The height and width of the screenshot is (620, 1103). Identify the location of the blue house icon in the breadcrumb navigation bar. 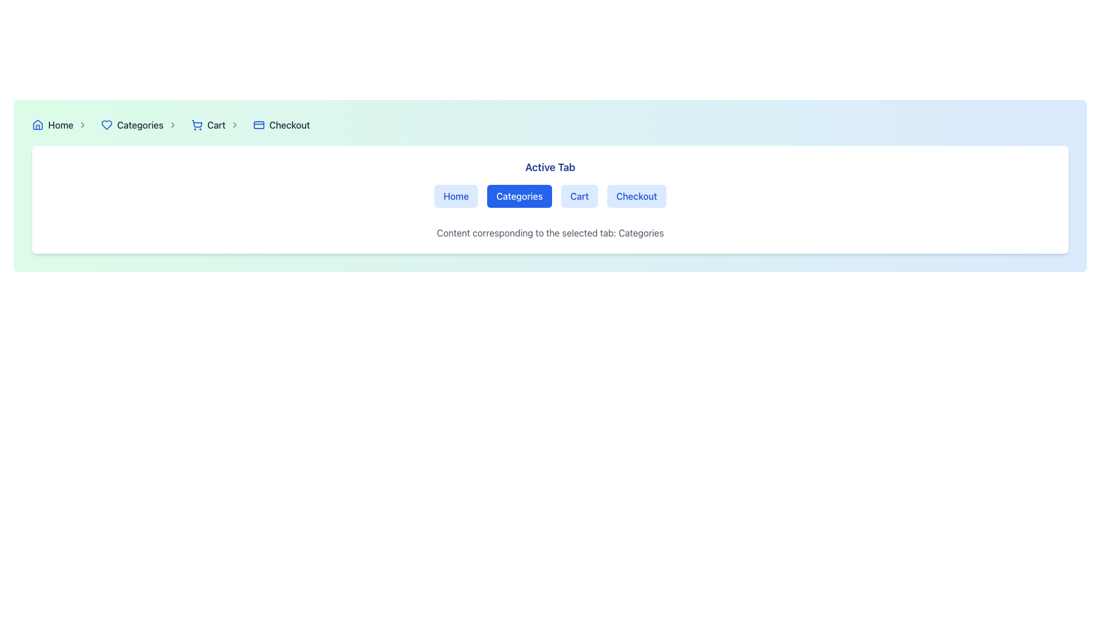
(38, 125).